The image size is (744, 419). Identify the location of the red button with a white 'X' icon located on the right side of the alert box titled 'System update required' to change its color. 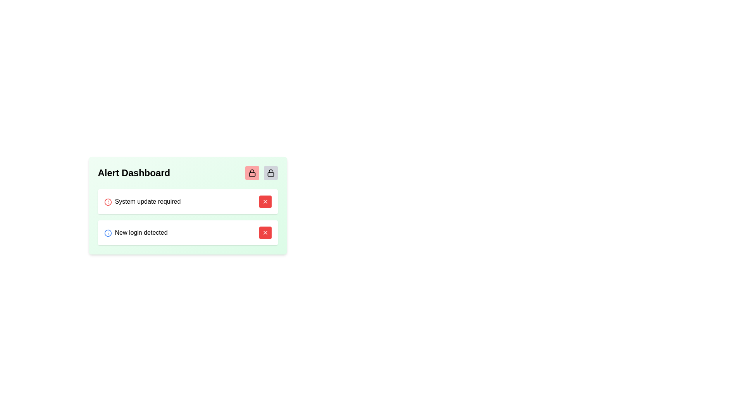
(265, 201).